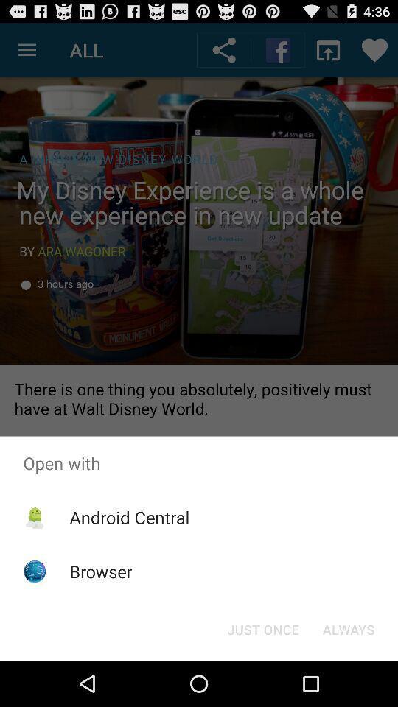 The width and height of the screenshot is (398, 707). I want to click on just once, so click(262, 628).